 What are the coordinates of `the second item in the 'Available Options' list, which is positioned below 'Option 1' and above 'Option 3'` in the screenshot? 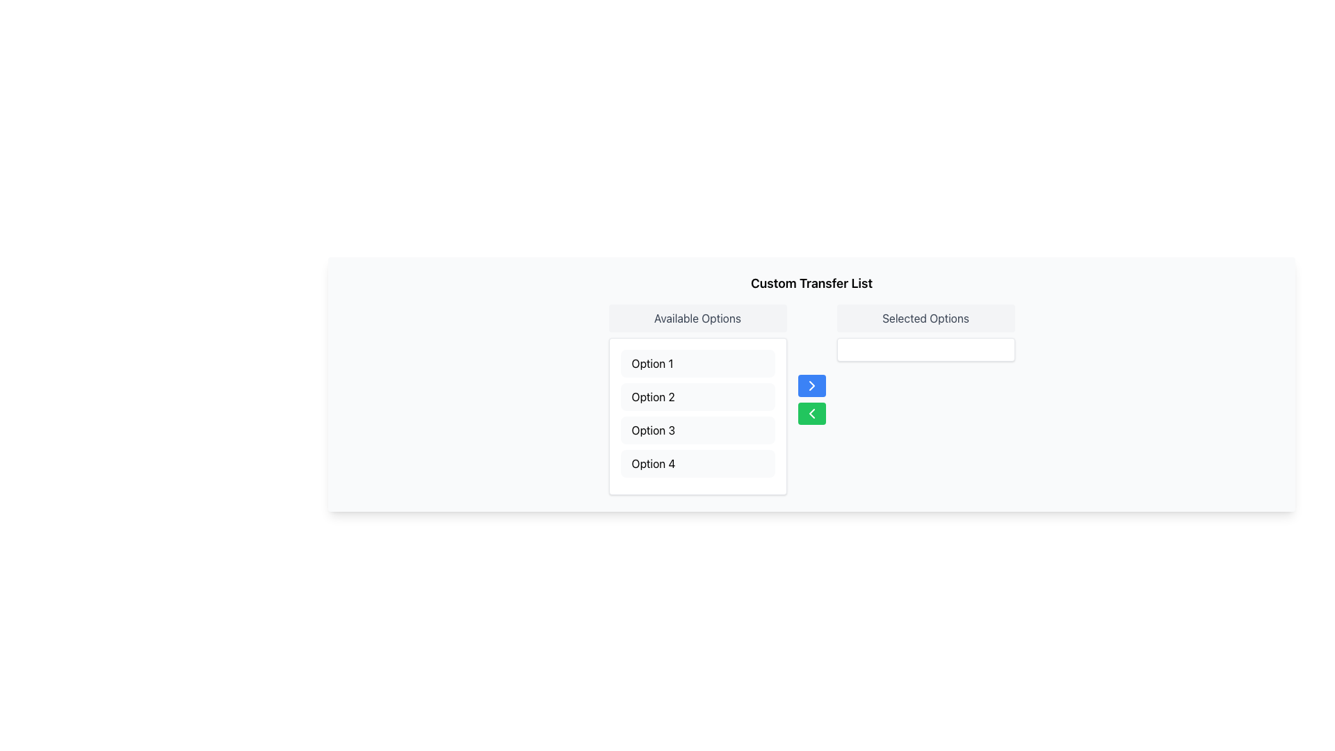 It's located at (697, 396).